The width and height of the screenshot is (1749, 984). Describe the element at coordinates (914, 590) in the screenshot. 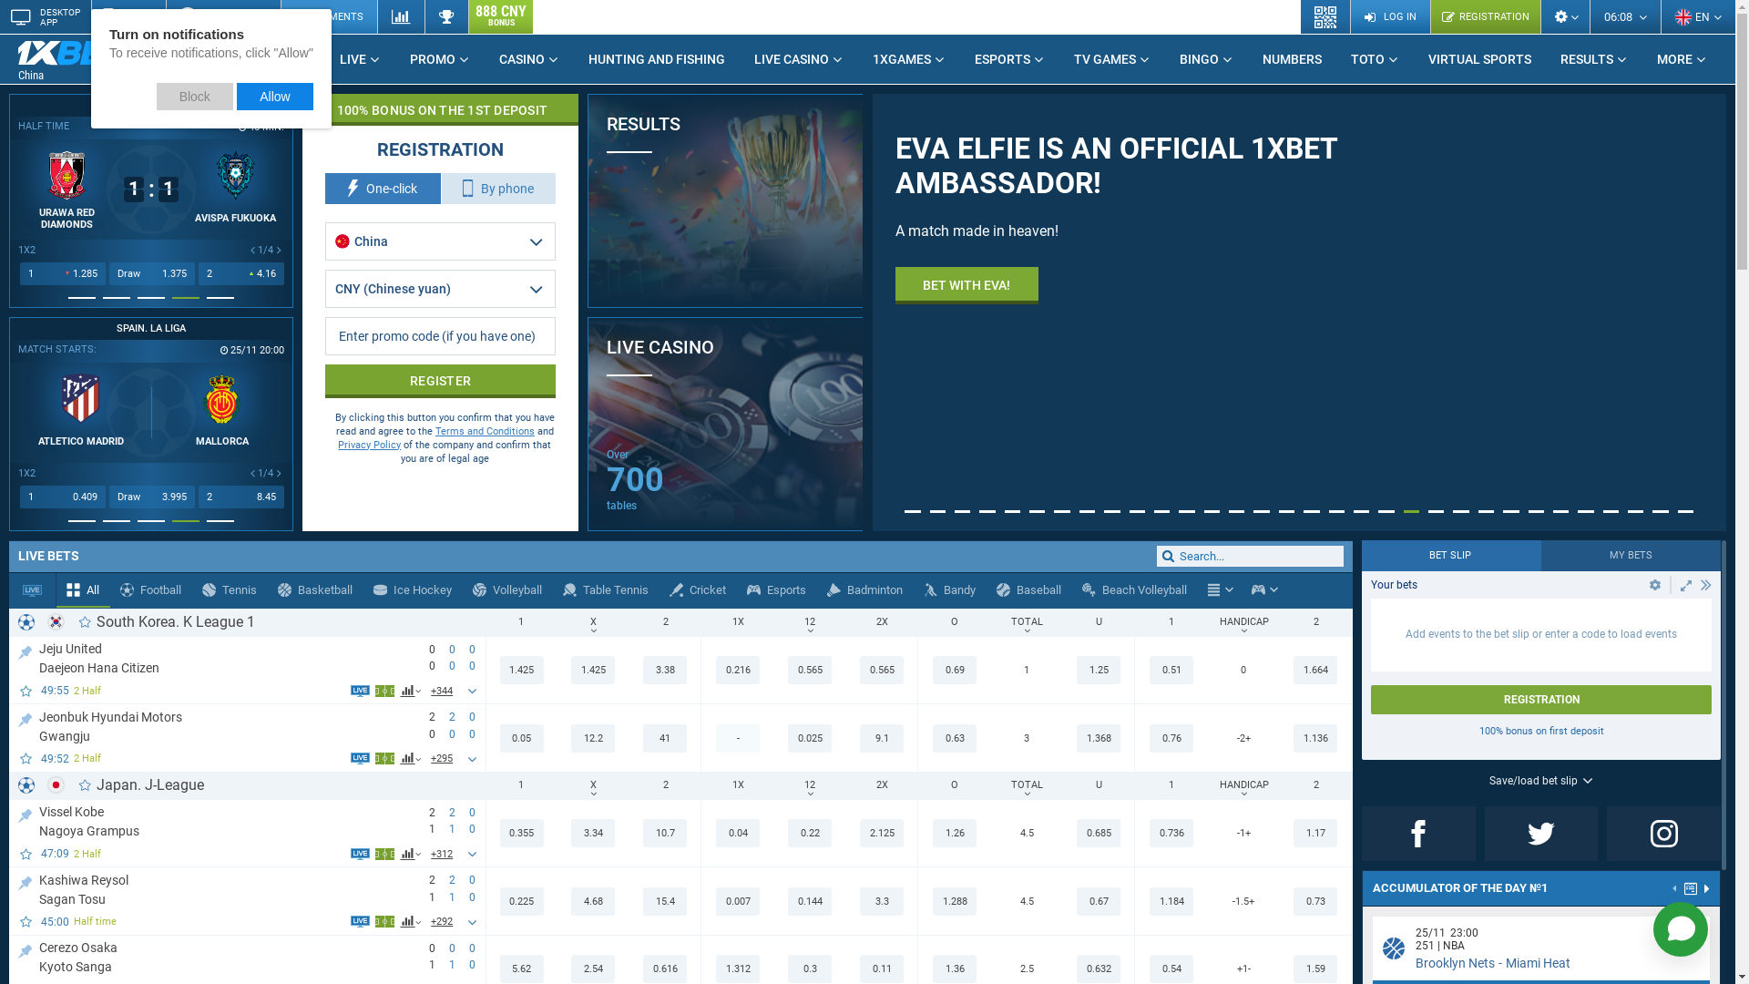

I see `'Bandy'` at that location.